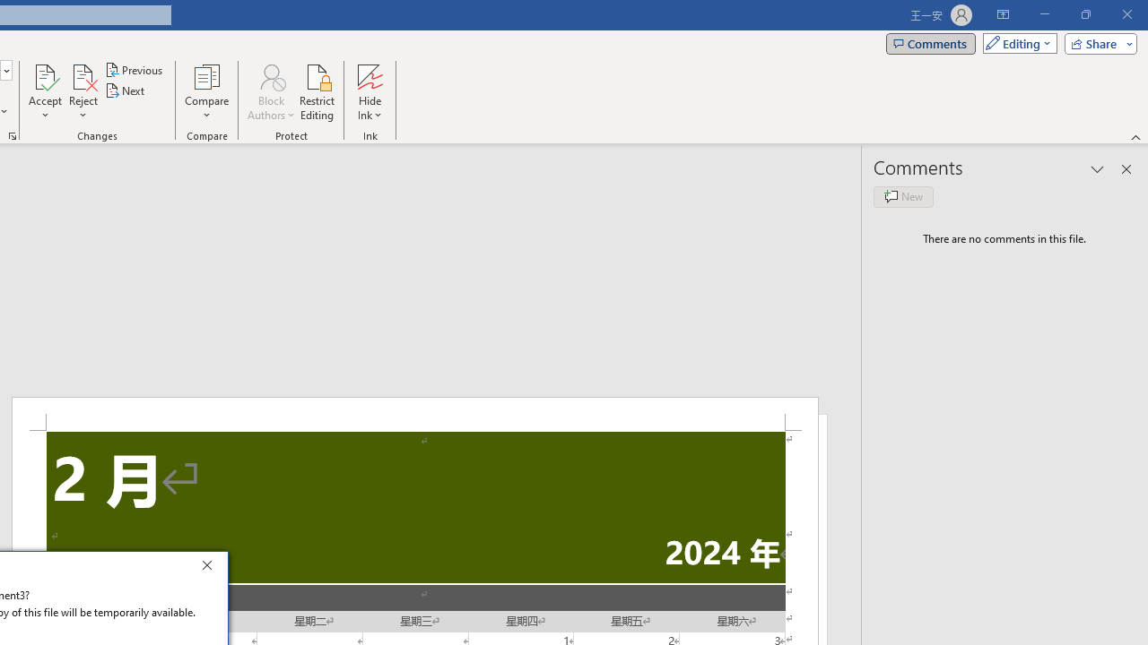 This screenshot has height=645, width=1148. I want to click on 'Hide Ink', so click(369, 92).